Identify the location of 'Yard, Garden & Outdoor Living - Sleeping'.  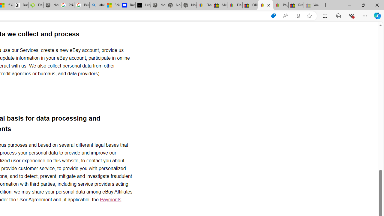
(311, 5).